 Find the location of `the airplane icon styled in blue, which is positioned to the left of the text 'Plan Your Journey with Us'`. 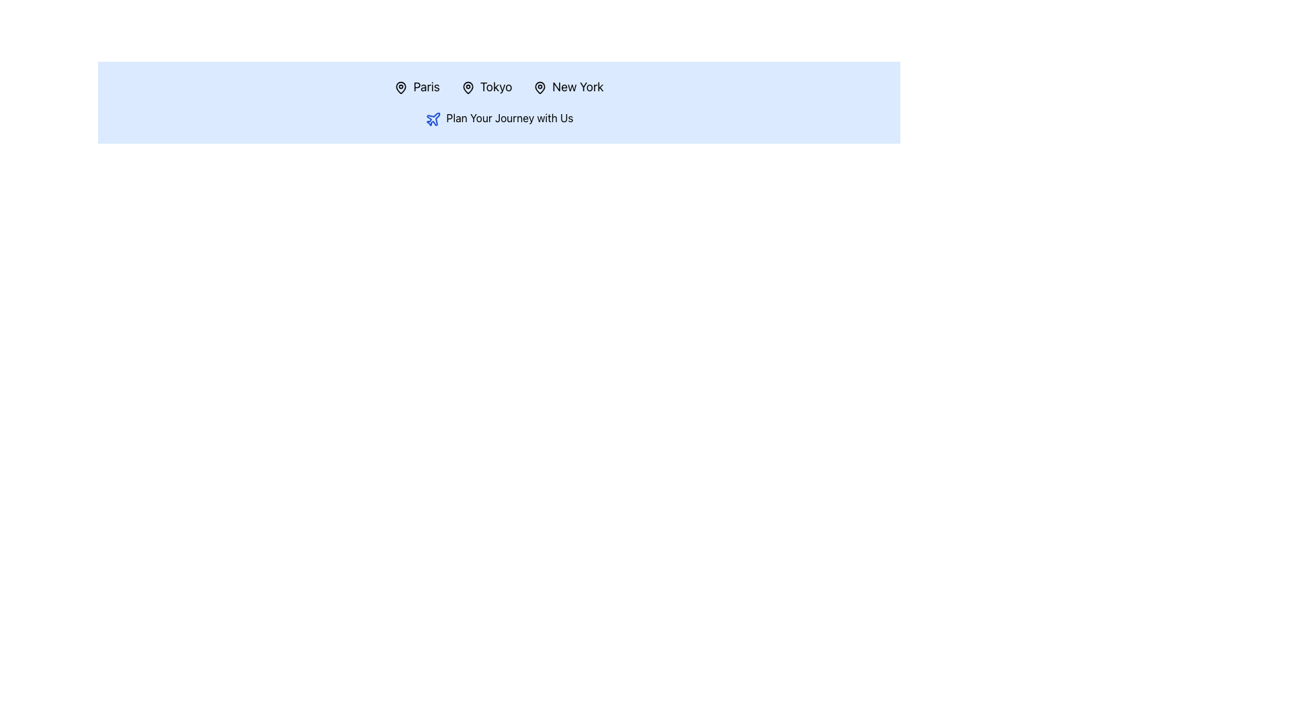

the airplane icon styled in blue, which is positioned to the left of the text 'Plan Your Journey with Us' is located at coordinates (433, 118).